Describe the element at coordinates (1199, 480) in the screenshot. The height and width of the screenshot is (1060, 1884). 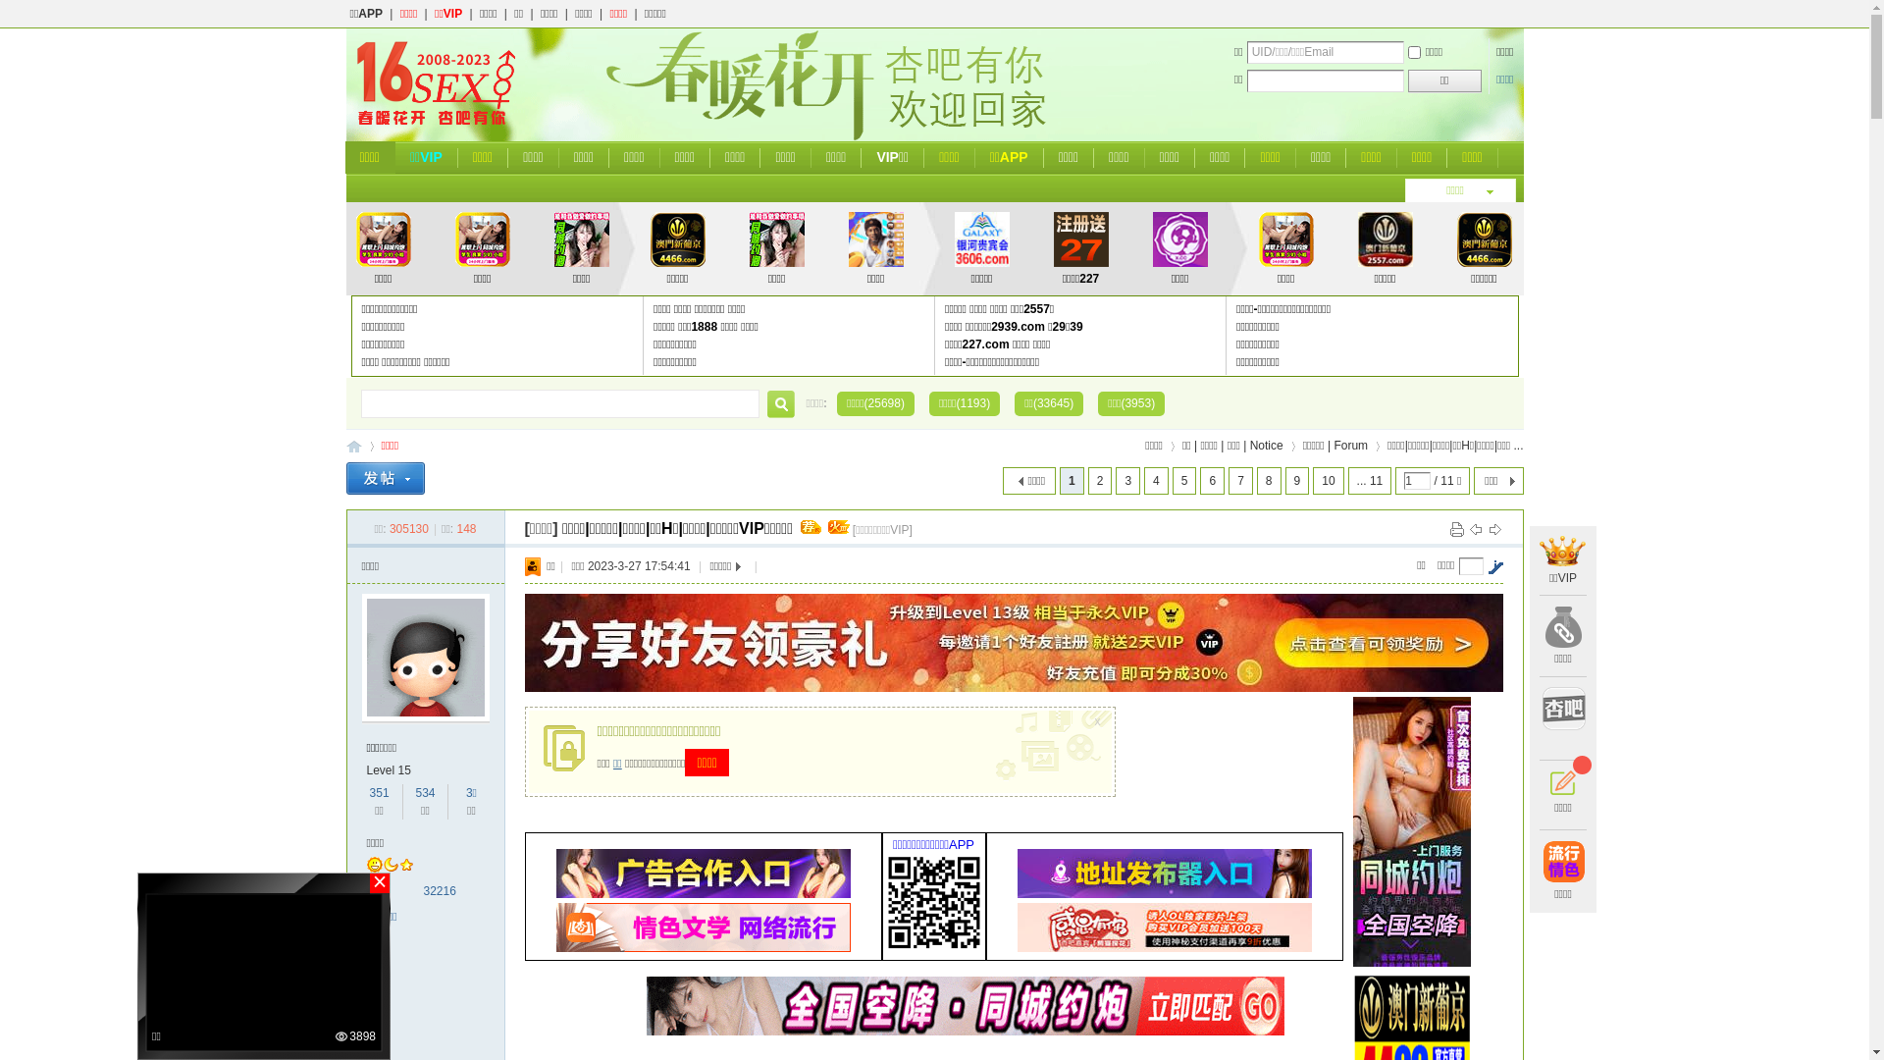
I see `'6'` at that location.